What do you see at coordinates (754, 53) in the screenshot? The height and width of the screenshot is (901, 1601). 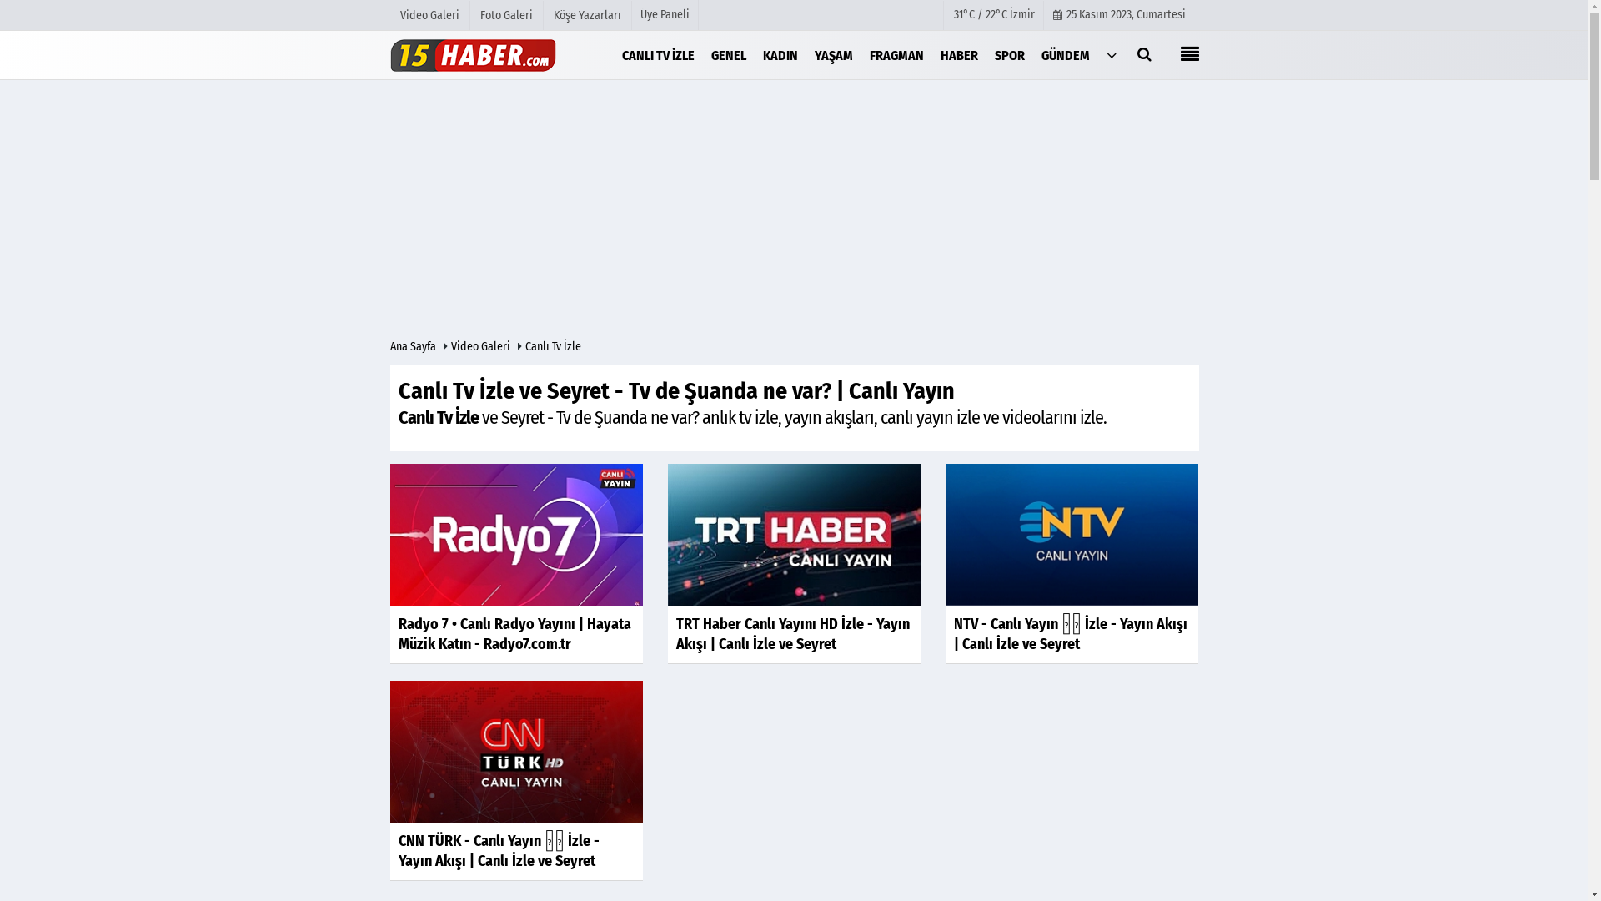 I see `'KADIN'` at bounding box center [754, 53].